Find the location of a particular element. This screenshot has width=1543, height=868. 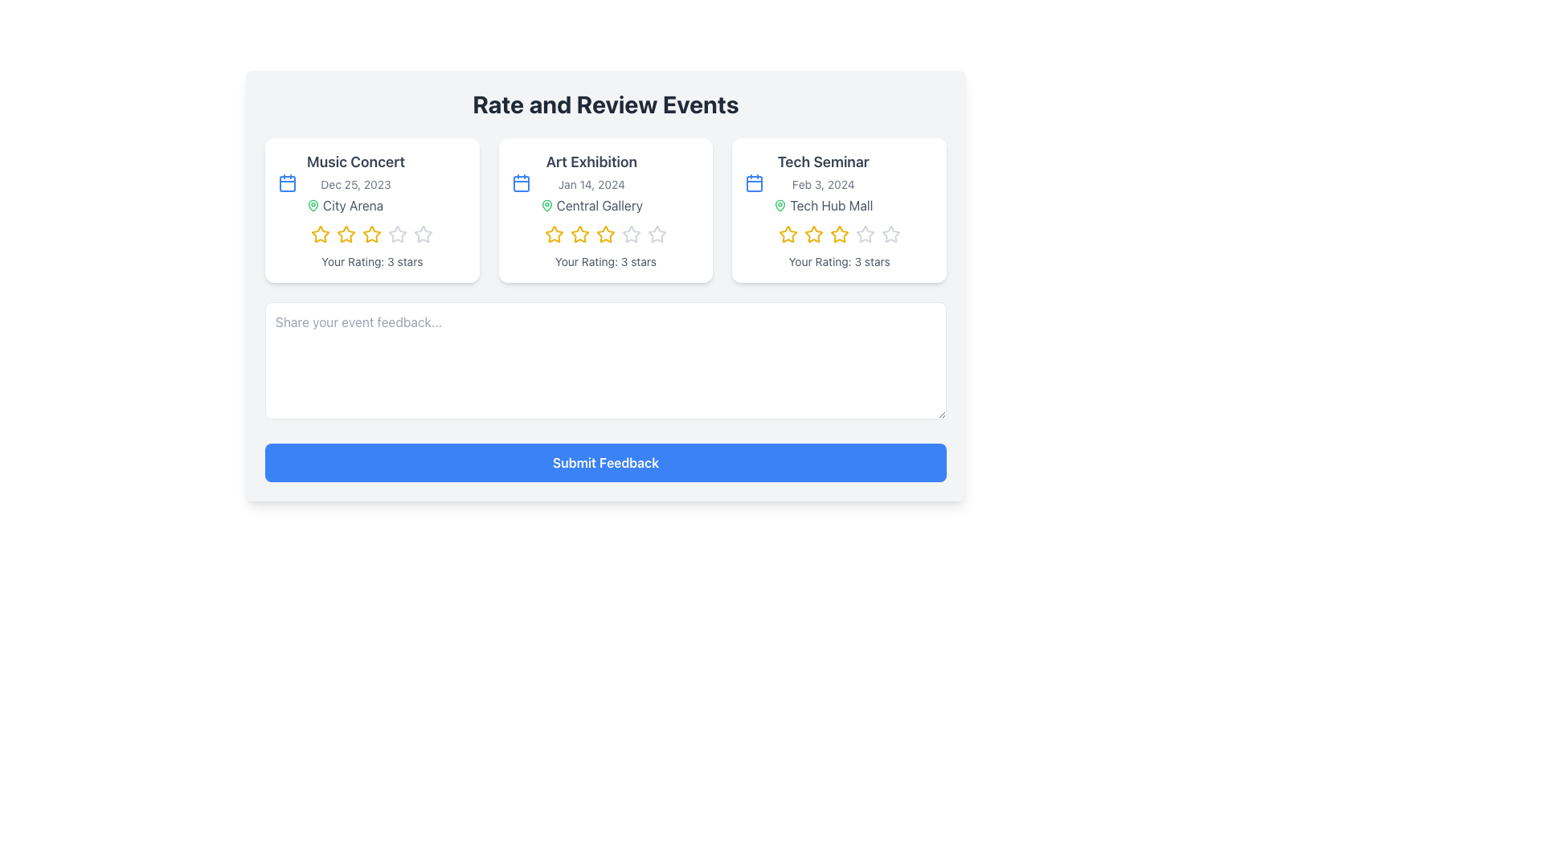

date information displayed in the text element positioned under the title 'Tech Seminar' within the 'Tech Seminar' panel is located at coordinates (823, 184).